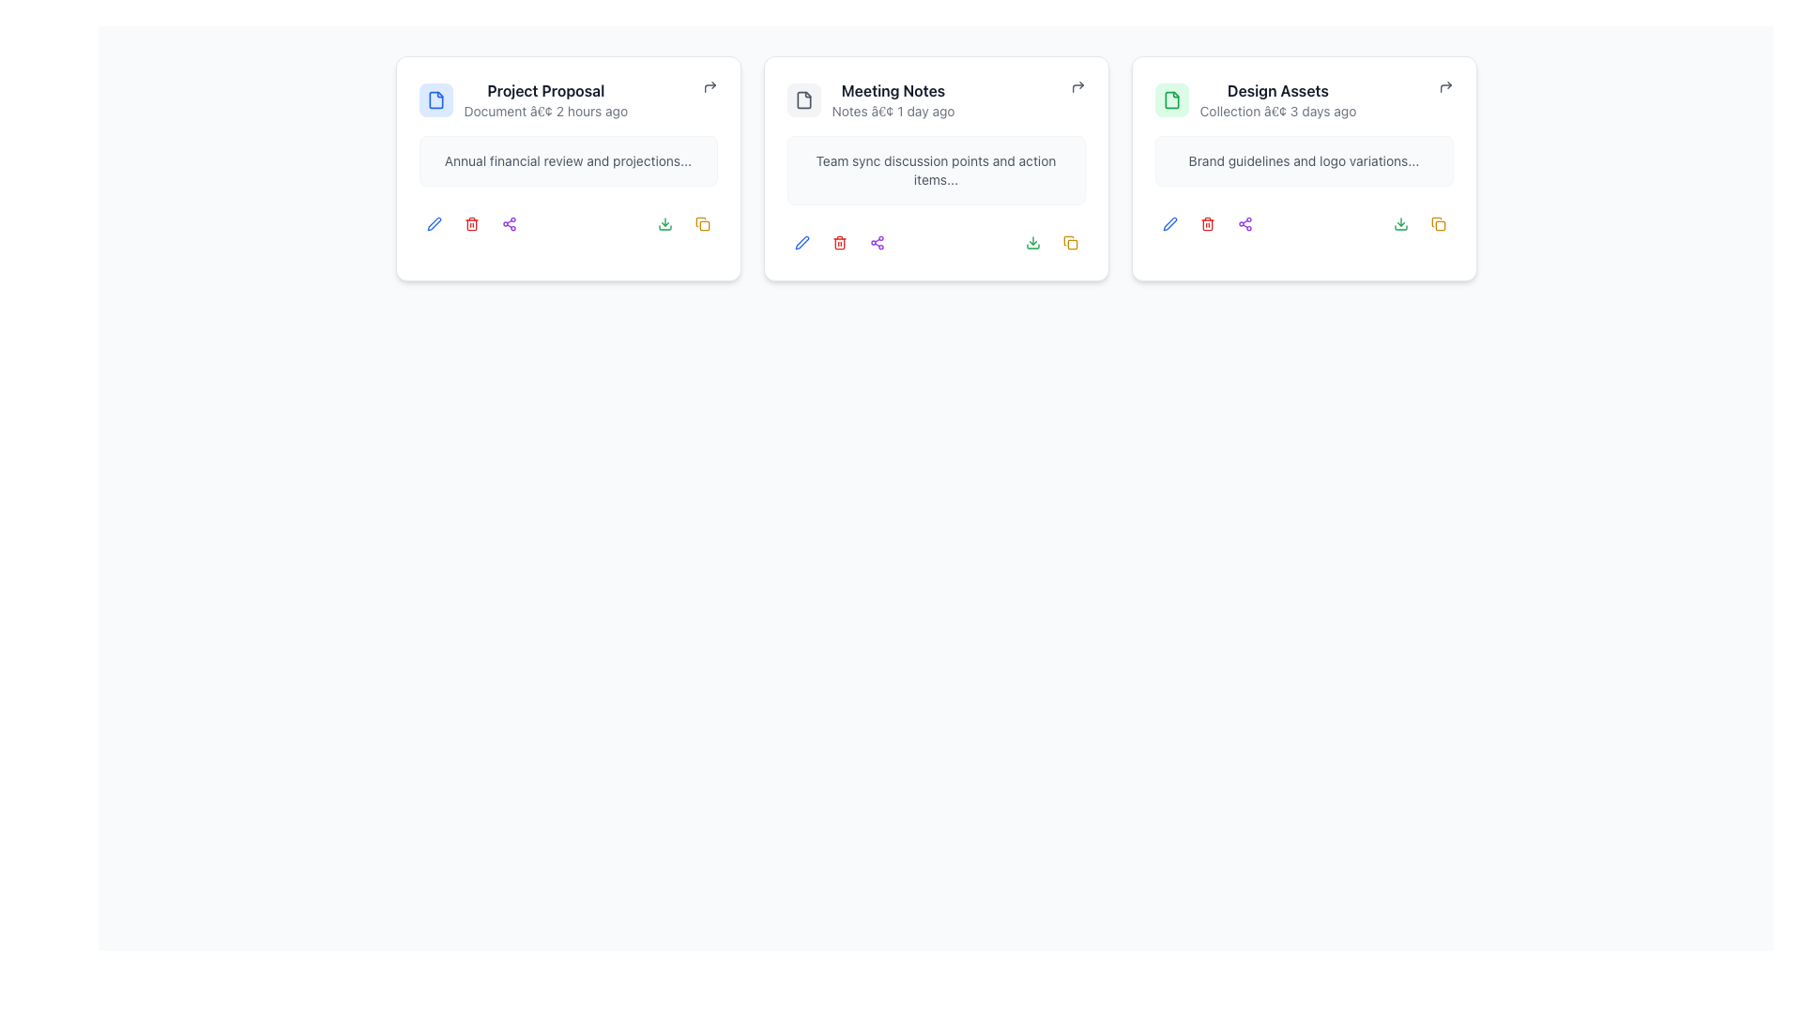 The height and width of the screenshot is (1013, 1802). Describe the element at coordinates (701, 223) in the screenshot. I see `the icon button, which is styled as two overlapping squares in yellow, located under the 'Project Proposal' card as the third action icon on the right side` at that location.